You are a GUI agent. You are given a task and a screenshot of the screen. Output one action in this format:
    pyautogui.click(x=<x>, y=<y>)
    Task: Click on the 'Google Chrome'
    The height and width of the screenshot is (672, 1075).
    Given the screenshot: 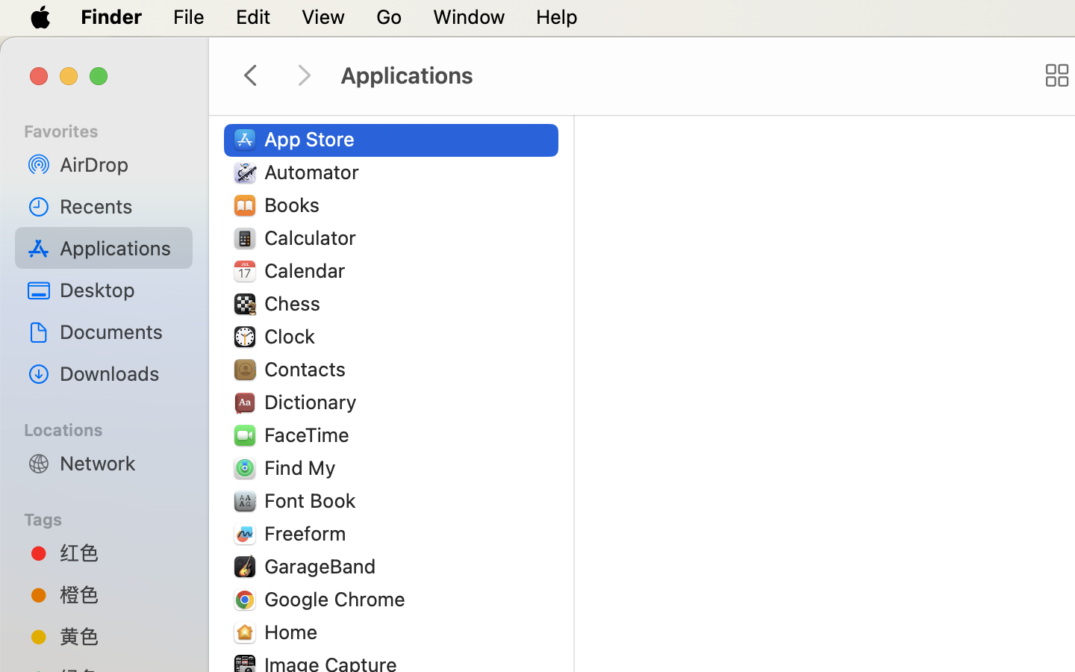 What is the action you would take?
    pyautogui.click(x=338, y=598)
    